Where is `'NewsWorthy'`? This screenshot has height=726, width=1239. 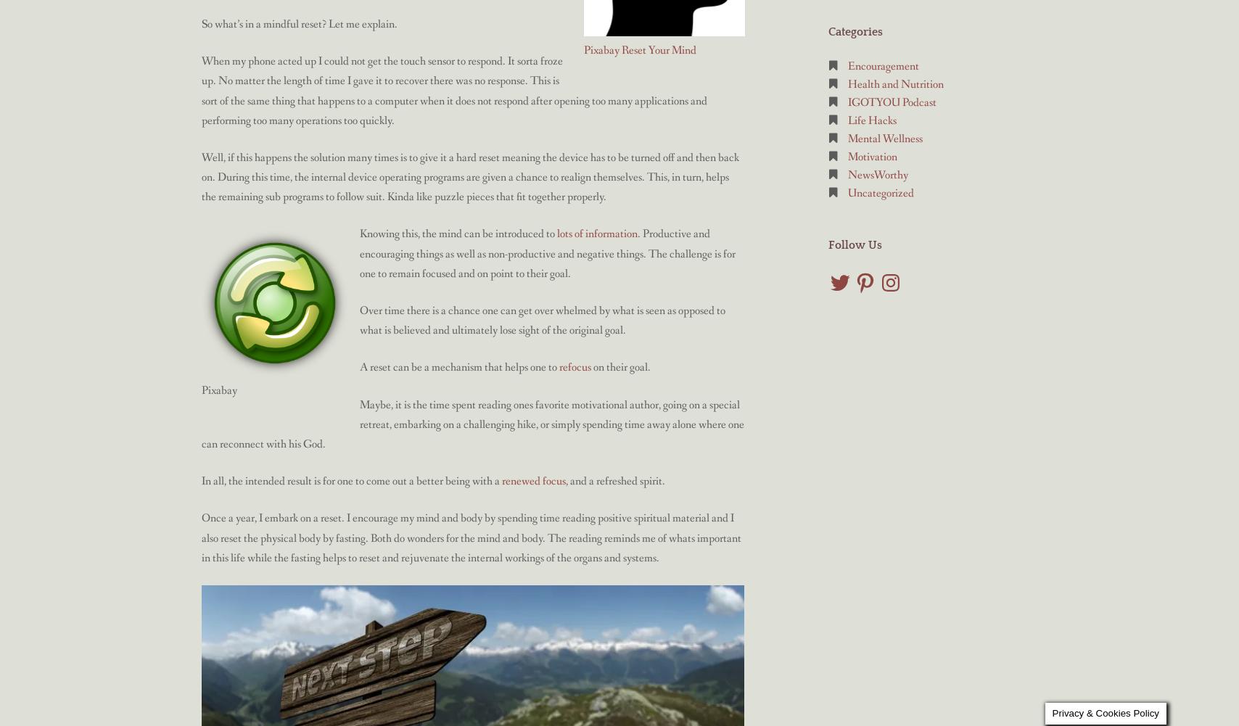
'NewsWorthy' is located at coordinates (878, 174).